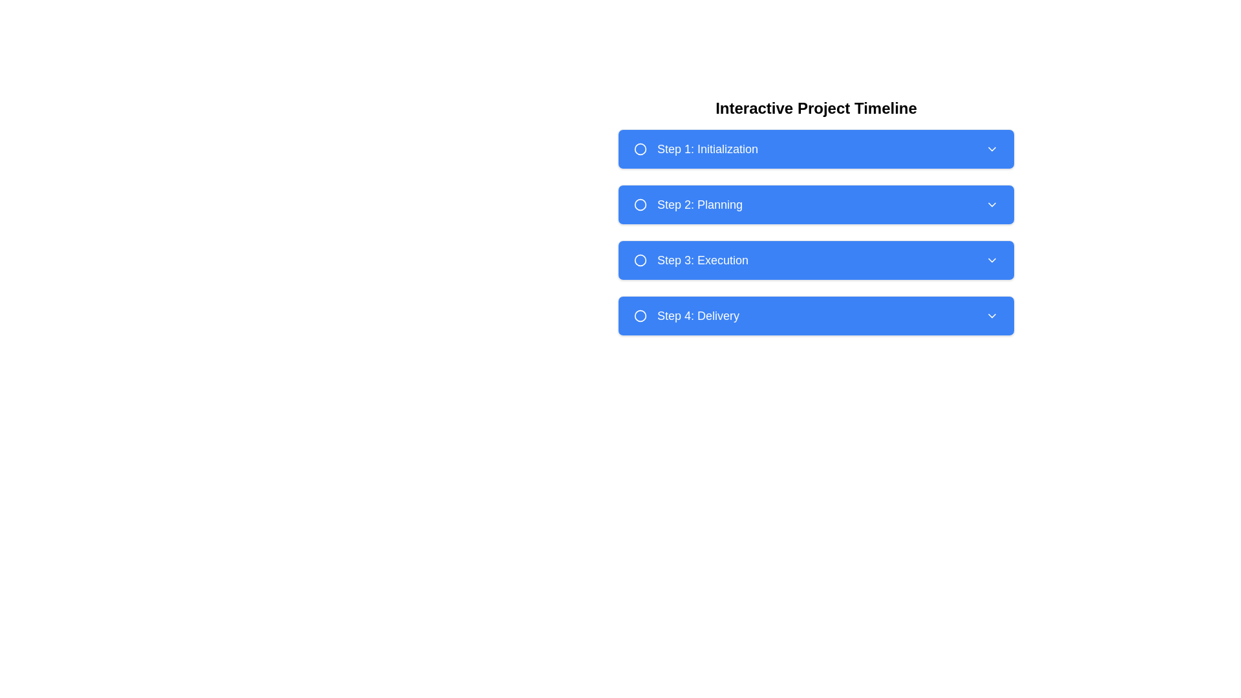 This screenshot has height=698, width=1241. Describe the element at coordinates (815, 216) in the screenshot. I see `the horizontally aligned button labeled 'Step 2: Planning', which has a blue background and white text, positioned centrally below 'Step 1: Initialization'` at that location.